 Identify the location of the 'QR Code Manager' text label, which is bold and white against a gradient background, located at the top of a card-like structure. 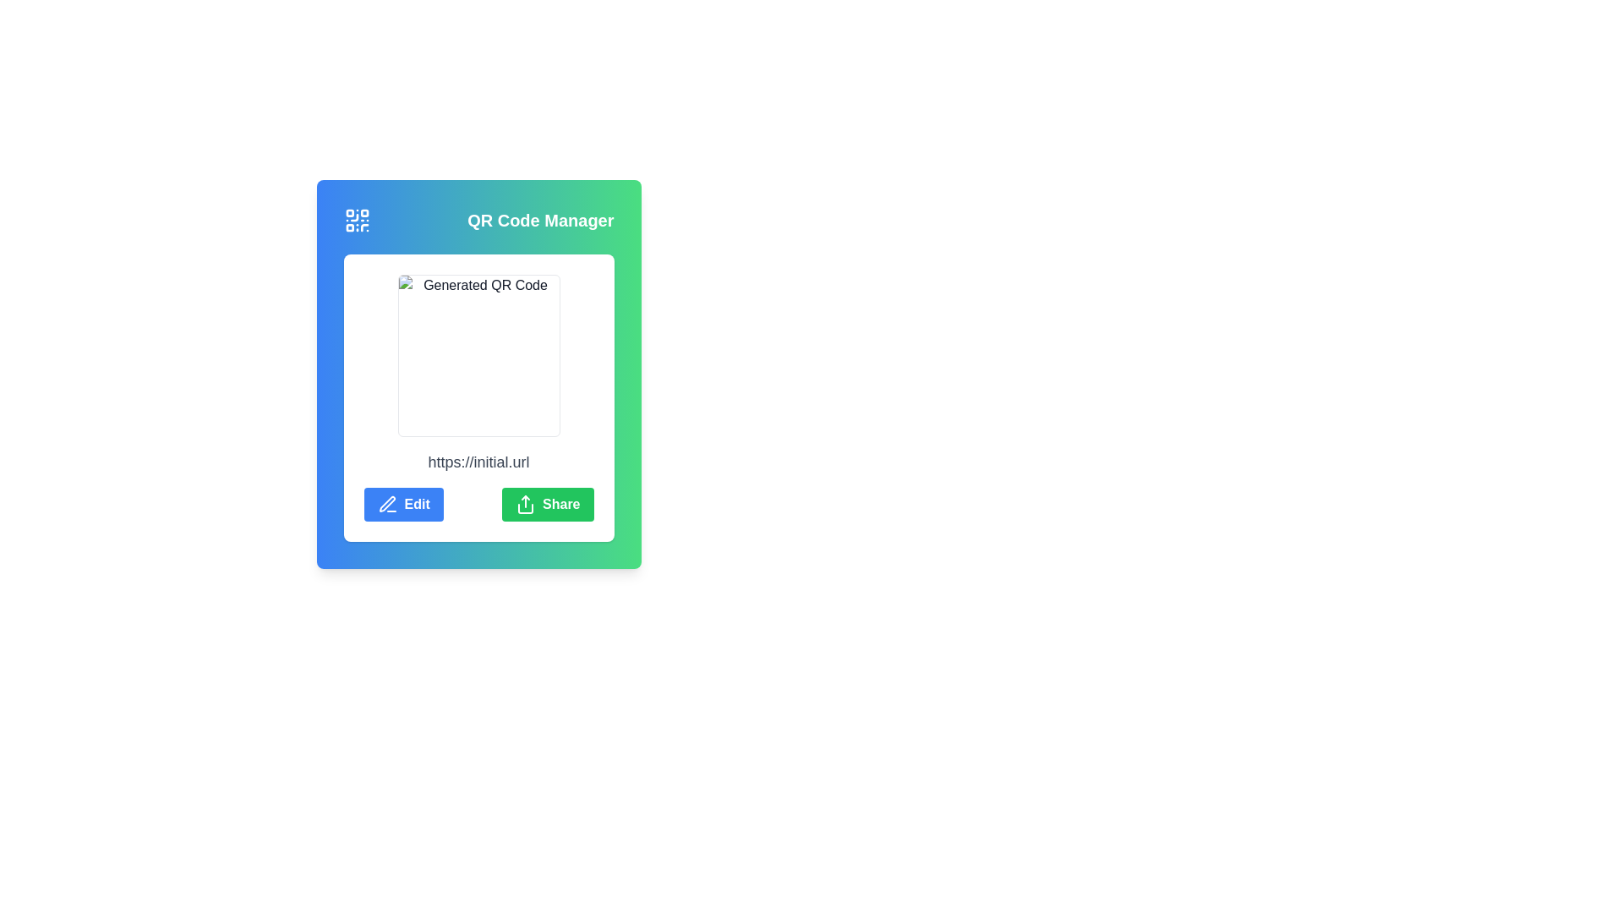
(539, 220).